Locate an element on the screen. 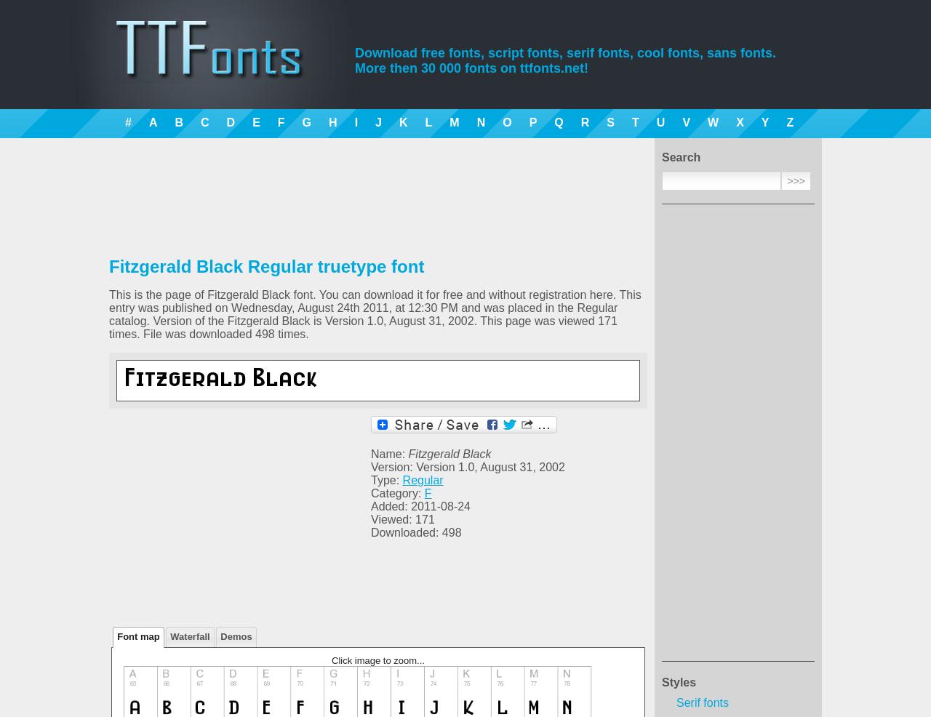 This screenshot has height=717, width=931. 'Download free fonts, script fonts, serif fonts, cool fonts, sans fonts.' is located at coordinates (564, 51).